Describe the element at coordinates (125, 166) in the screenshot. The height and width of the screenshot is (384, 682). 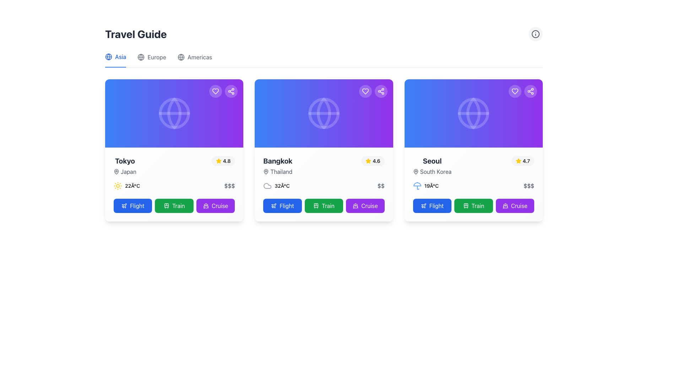
I see `the text label that provides the name of the destination 'Tokyo, Japan', located in the top-left corner of the leftmost card in the list of travel destinations` at that location.